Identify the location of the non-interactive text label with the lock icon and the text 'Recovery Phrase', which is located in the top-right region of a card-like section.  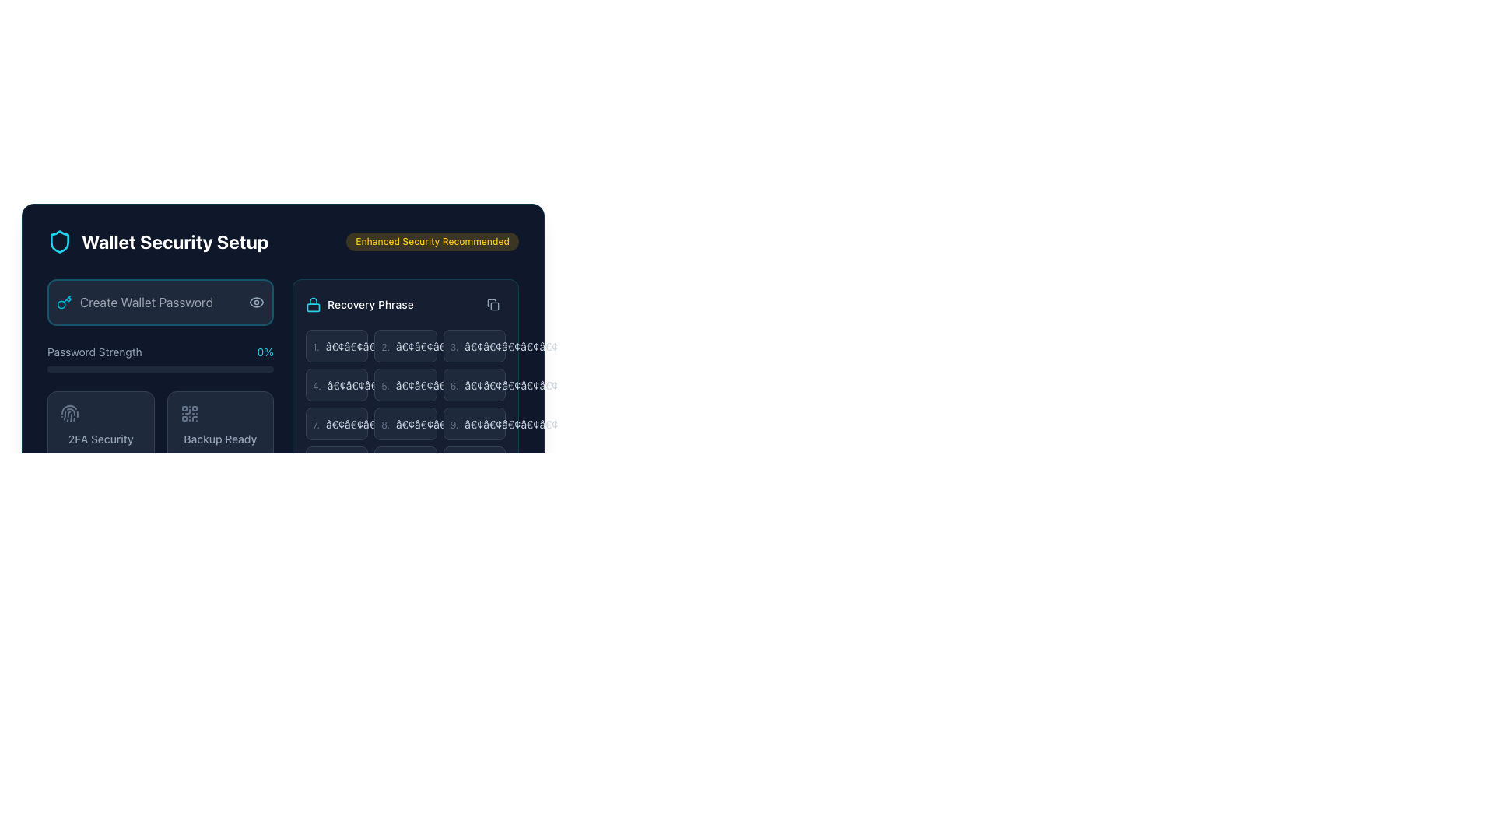
(359, 305).